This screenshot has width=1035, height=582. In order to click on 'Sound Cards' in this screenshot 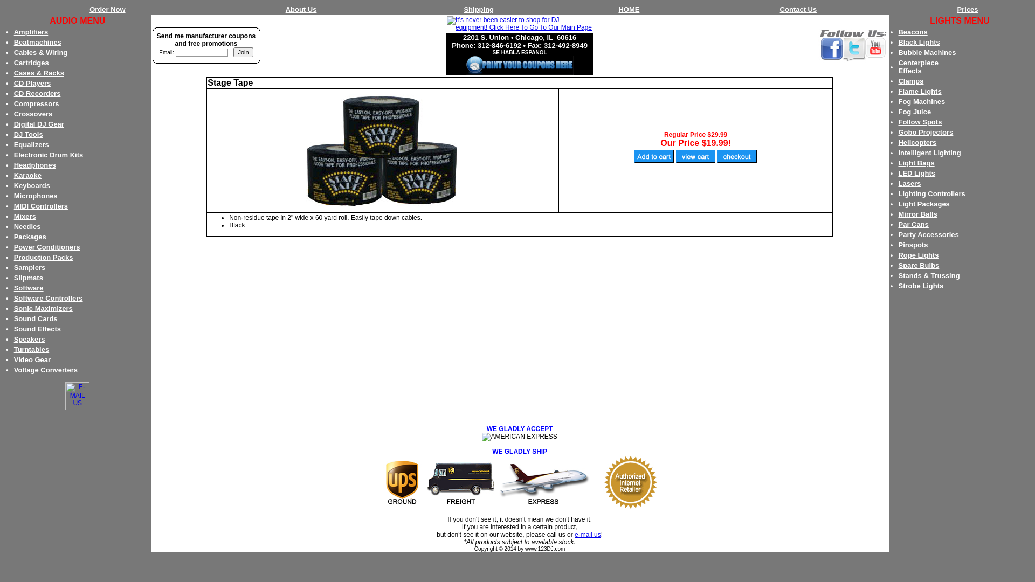, I will do `click(36, 318)`.